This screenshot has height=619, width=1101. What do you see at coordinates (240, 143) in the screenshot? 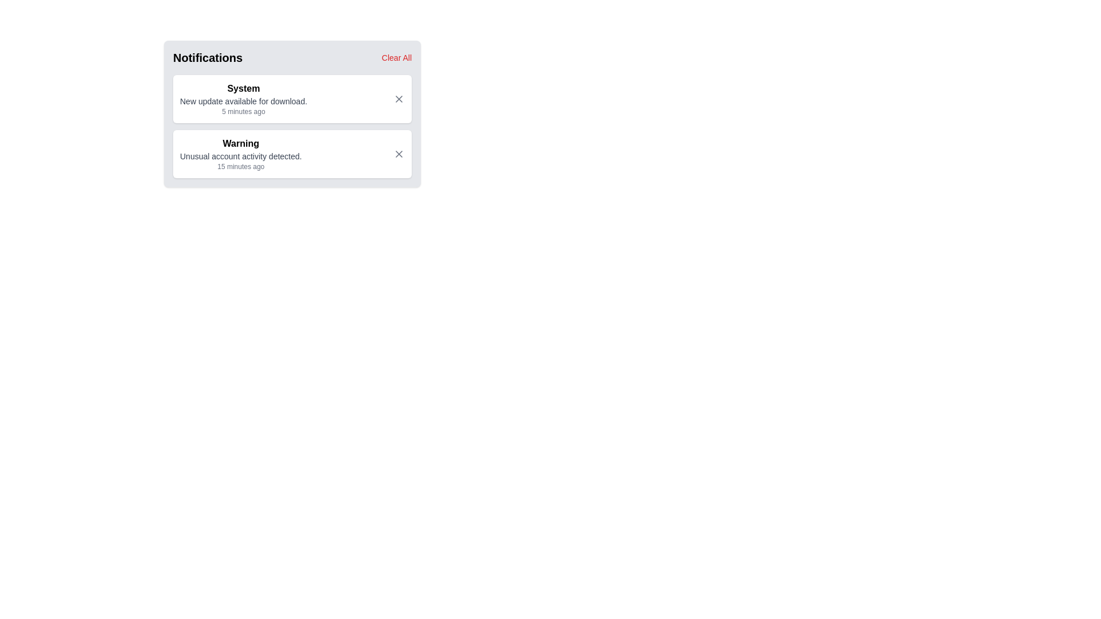
I see `the 'Warning' text label displayed prominently at the top of the second notification card in the notification panel` at bounding box center [240, 143].